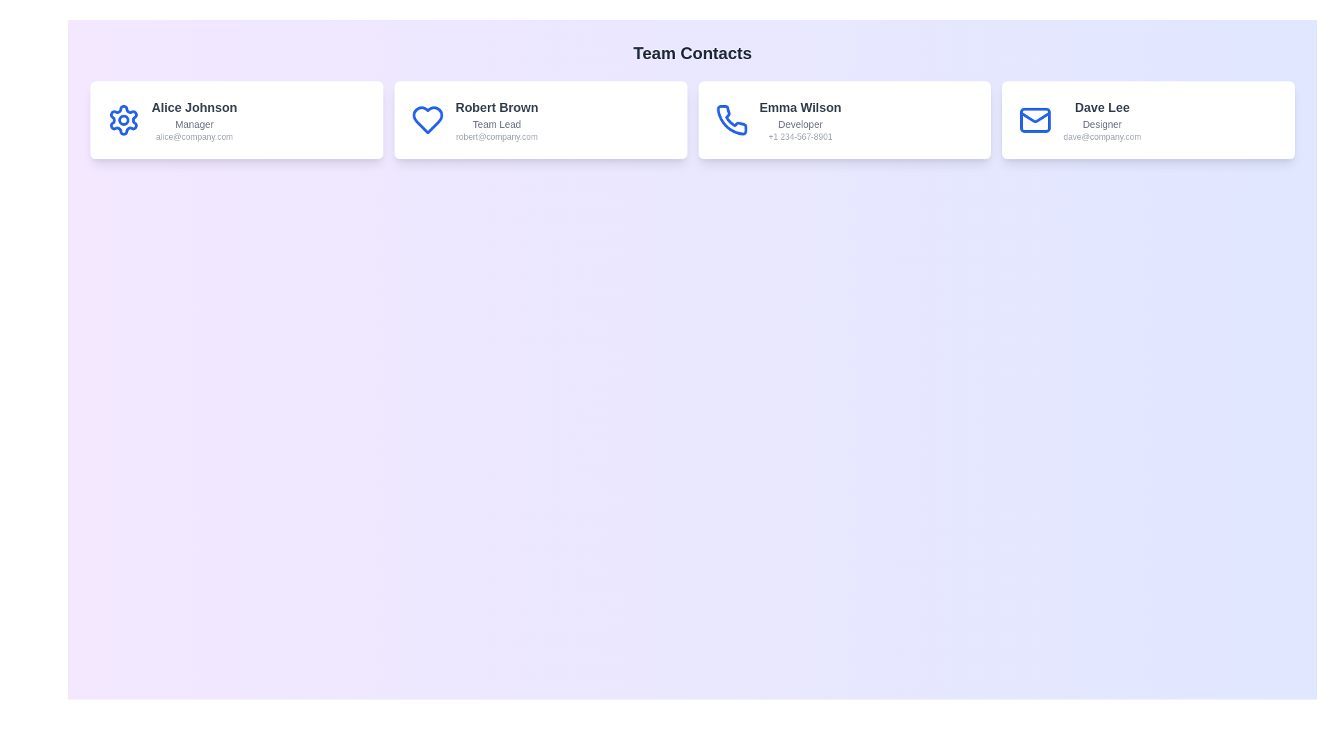  I want to click on the blue phone icon associated with the contact 'Emma Wilson', which is part of the third card in a horizontal set of four cards, so click(731, 119).